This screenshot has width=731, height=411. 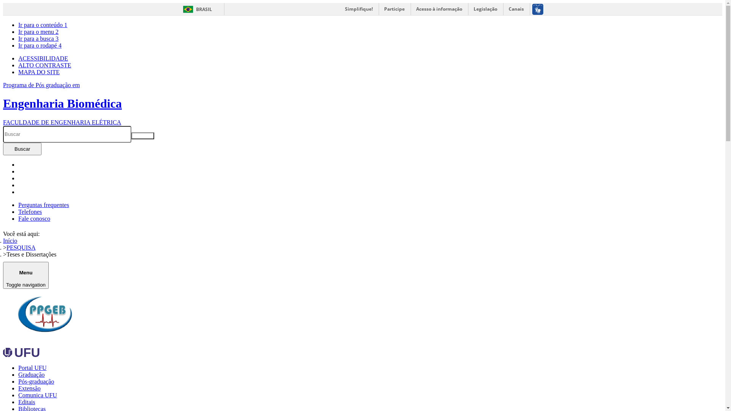 What do you see at coordinates (179, 9) in the screenshot?
I see `'BRASIL'` at bounding box center [179, 9].